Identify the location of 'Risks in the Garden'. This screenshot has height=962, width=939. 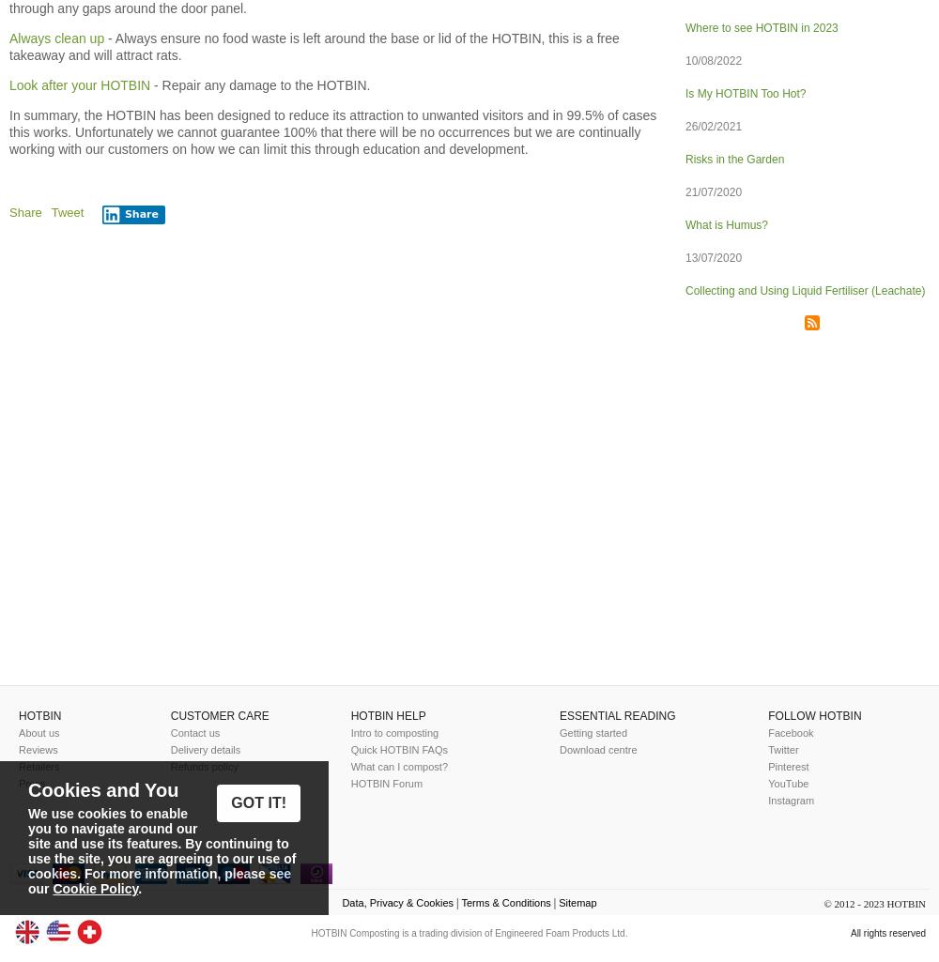
(734, 159).